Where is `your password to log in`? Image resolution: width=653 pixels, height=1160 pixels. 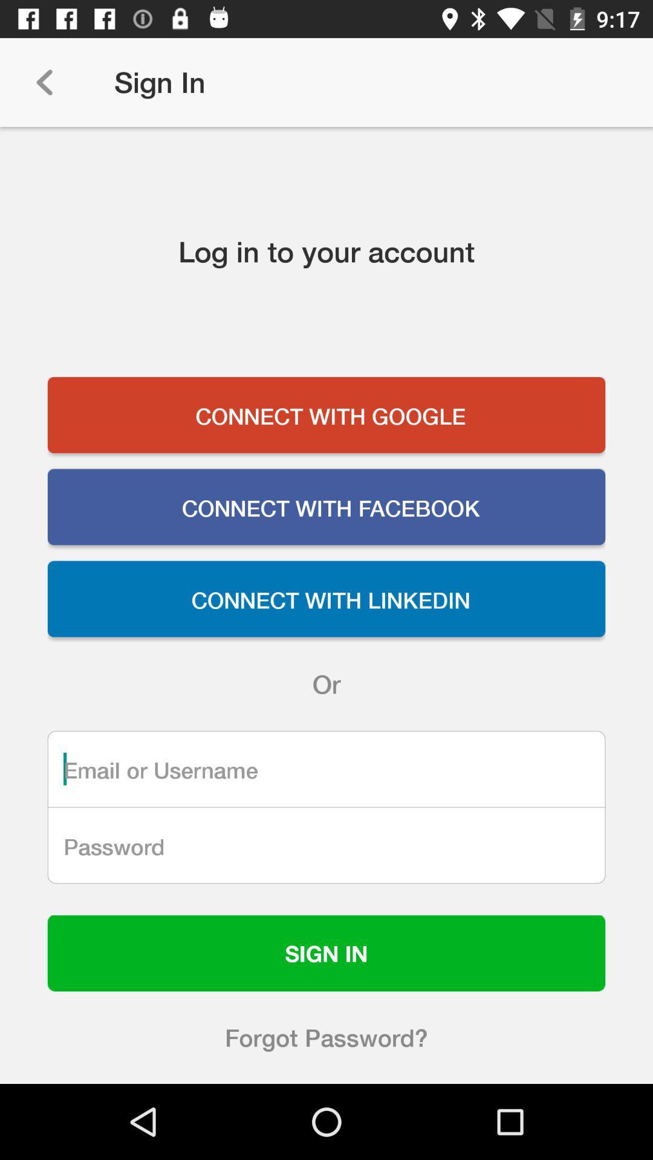
your password to log in is located at coordinates (326, 845).